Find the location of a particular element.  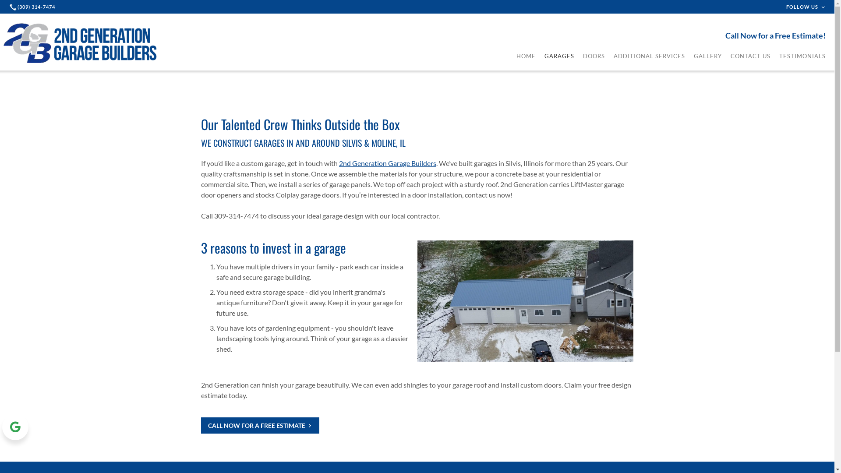

'ADDITIONAL SERVICES' is located at coordinates (649, 56).